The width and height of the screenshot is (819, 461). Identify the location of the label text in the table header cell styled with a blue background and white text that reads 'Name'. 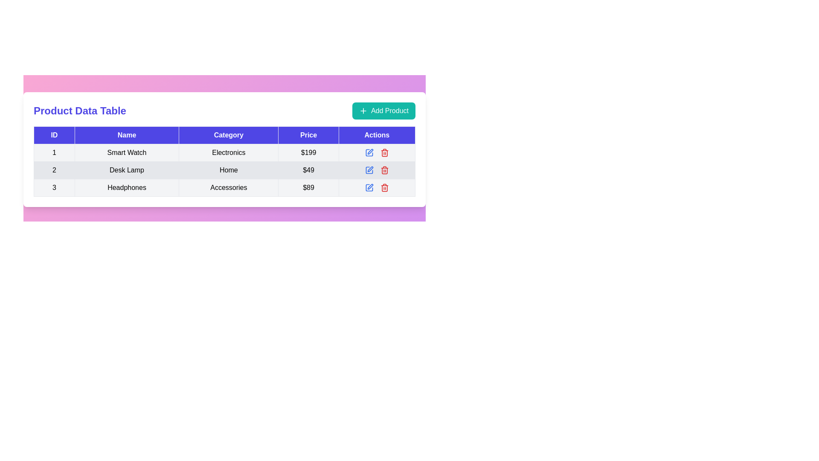
(126, 134).